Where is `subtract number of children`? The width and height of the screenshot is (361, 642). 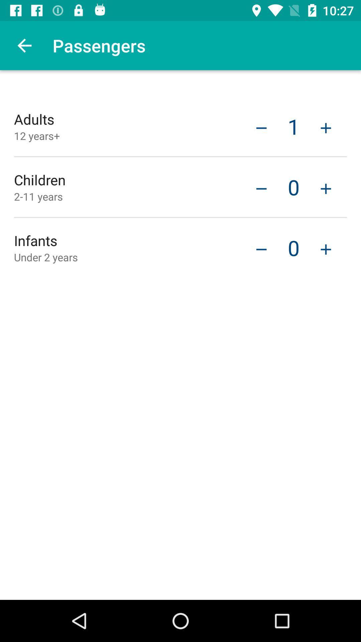
subtract number of children is located at coordinates (261, 248).